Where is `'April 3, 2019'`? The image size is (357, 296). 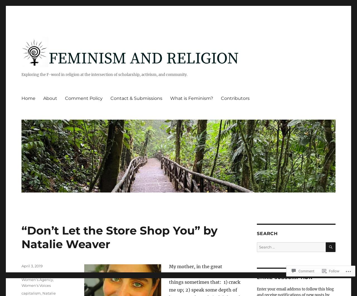
'April 3, 2019' is located at coordinates (32, 266).